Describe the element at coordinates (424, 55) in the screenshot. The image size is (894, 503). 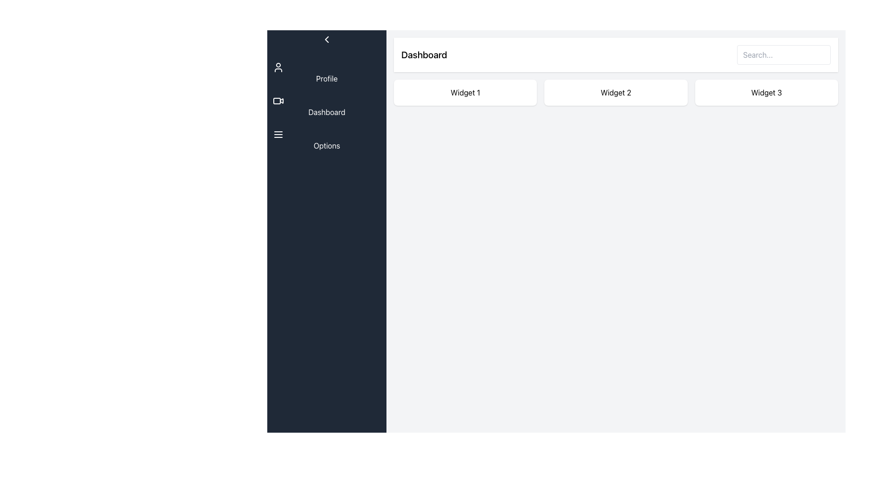
I see `the 'Dashboard' text label, which is prominently displayed in bold and enlarged font, located in the upper-left section of the central content area within the main header of the page` at that location.